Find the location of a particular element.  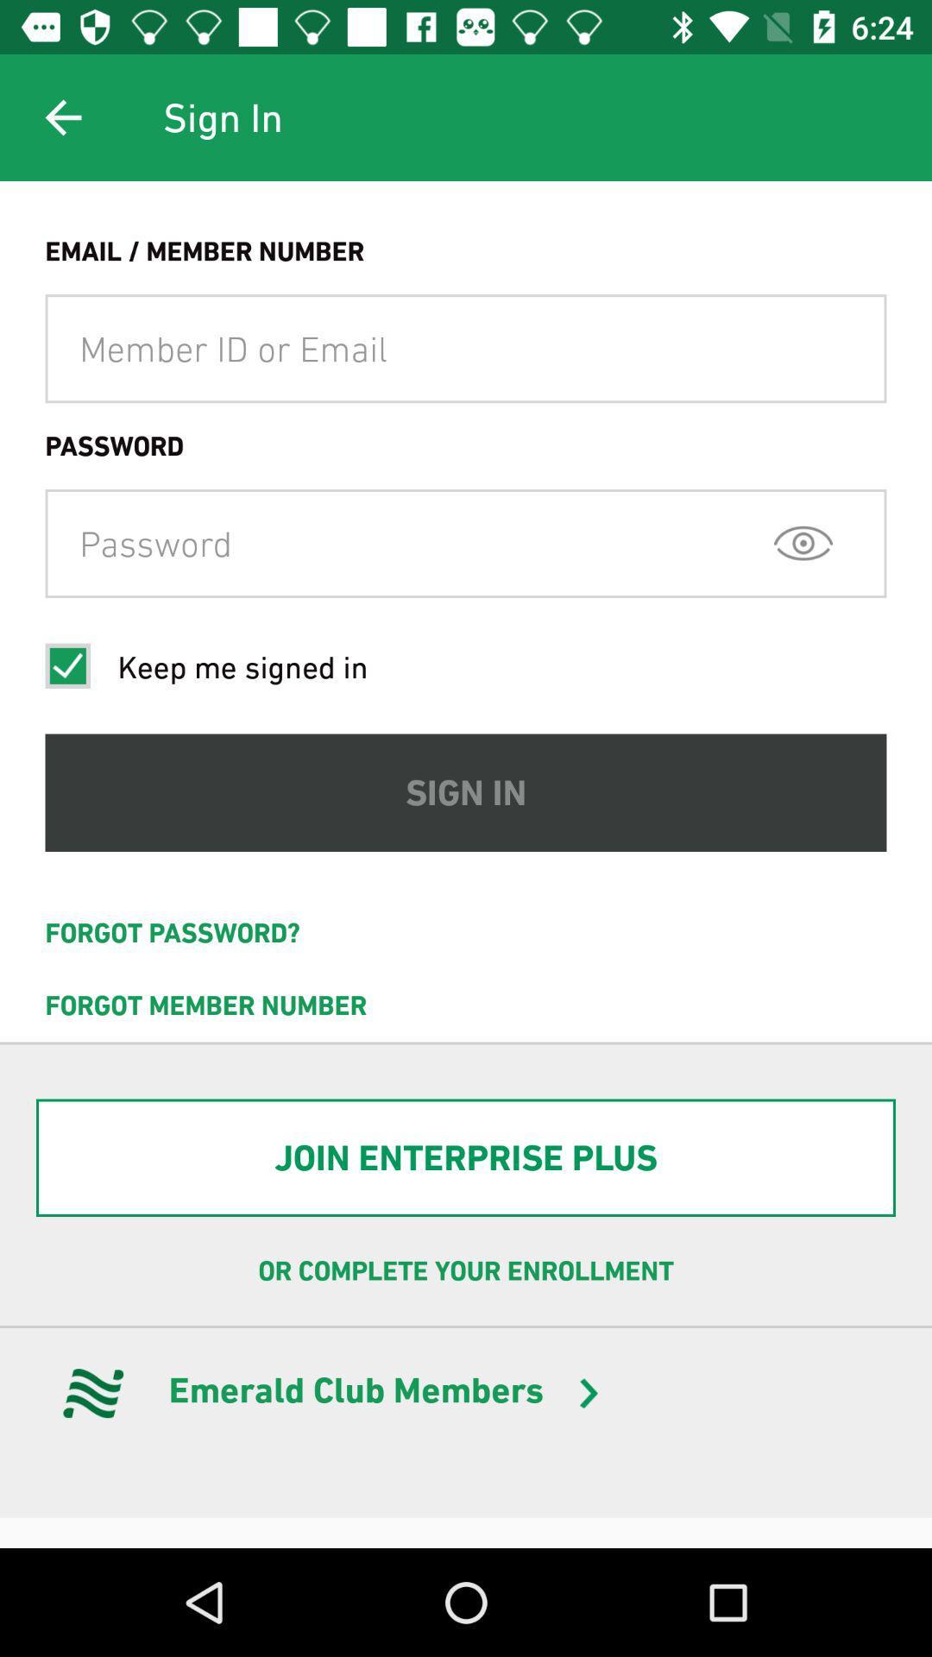

the item below the join enterprise plus item is located at coordinates (466, 1271).